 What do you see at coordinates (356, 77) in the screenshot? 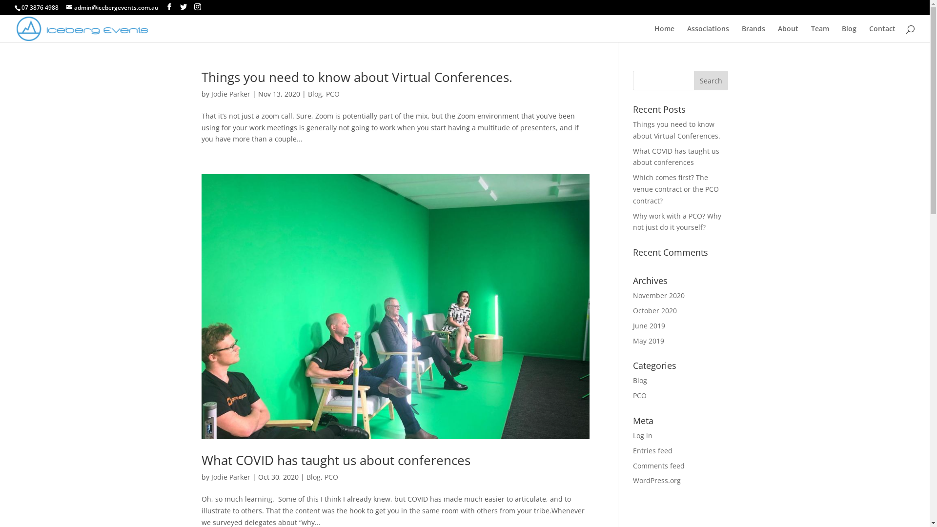
I see `'Things you need to know about Virtual Conferences.'` at bounding box center [356, 77].